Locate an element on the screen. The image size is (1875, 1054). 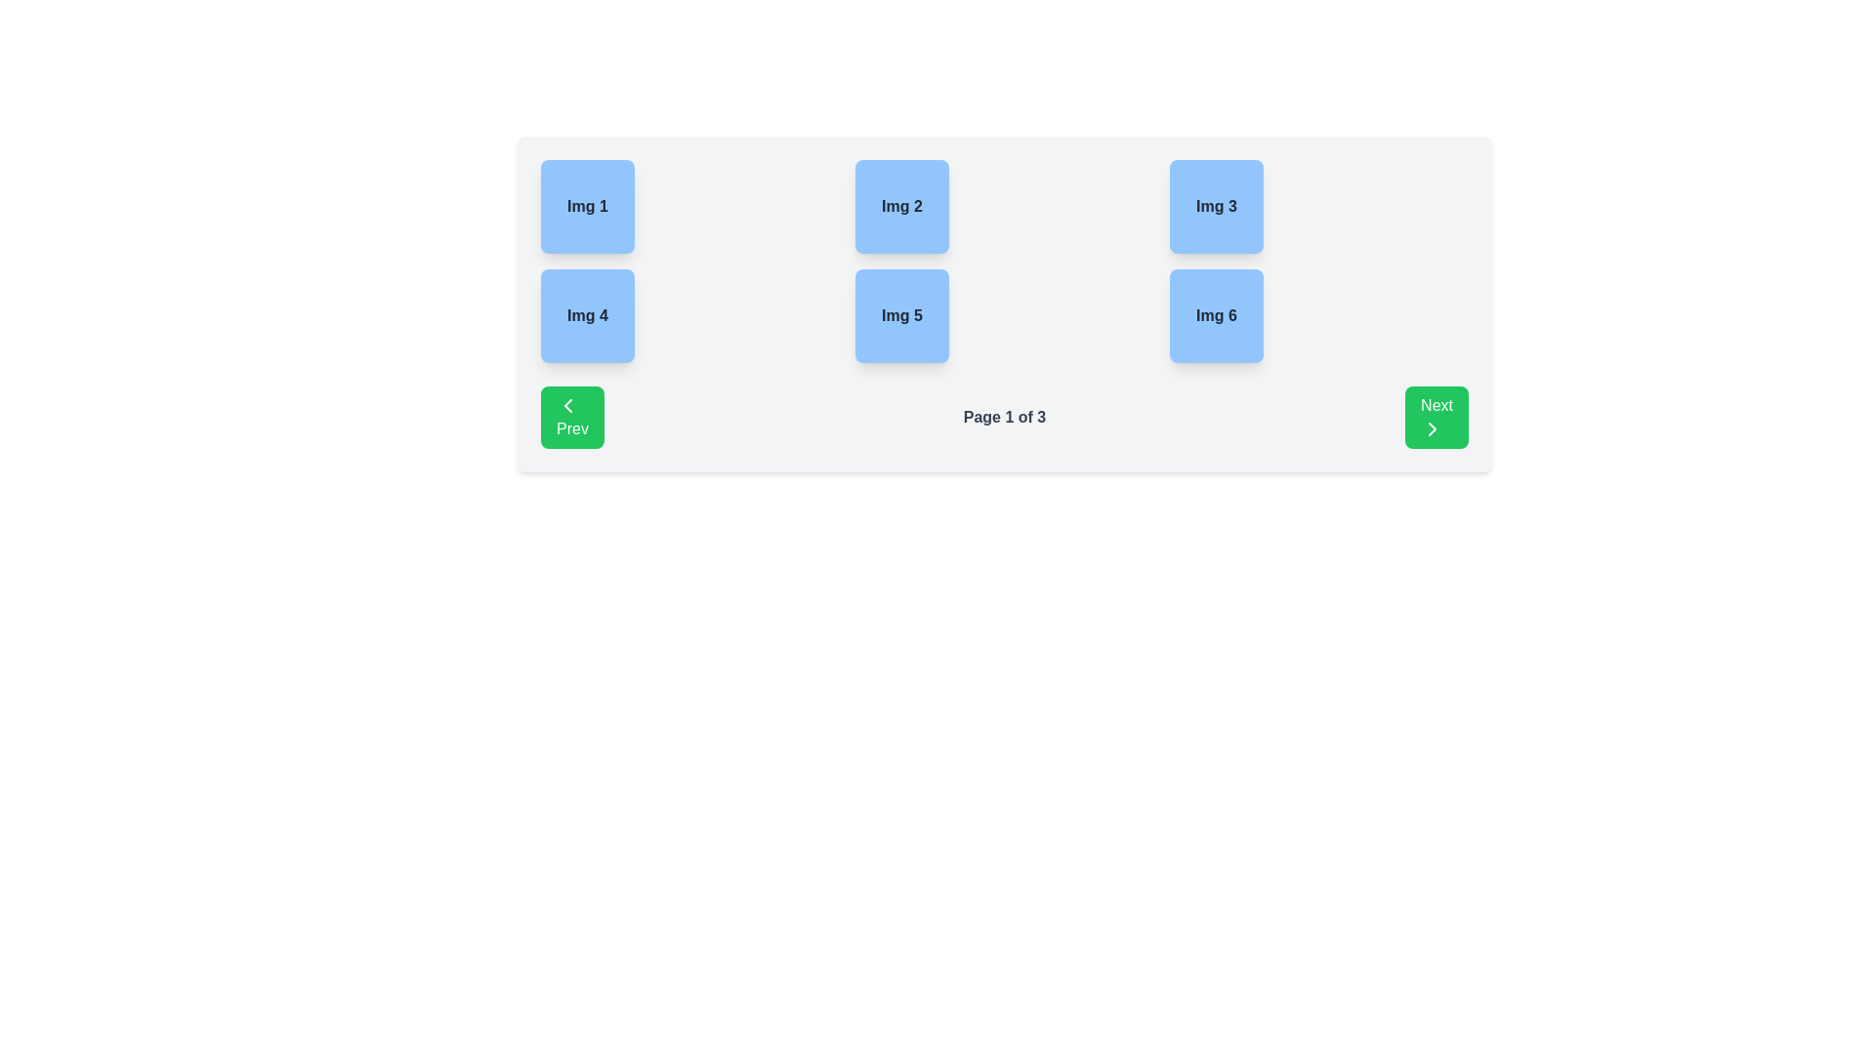
the Static labeled box with rounded edges, light blue background, and bold dark gray text 'Img 6' located in the bottom-right corner of the grid layout is located at coordinates (1216, 315).